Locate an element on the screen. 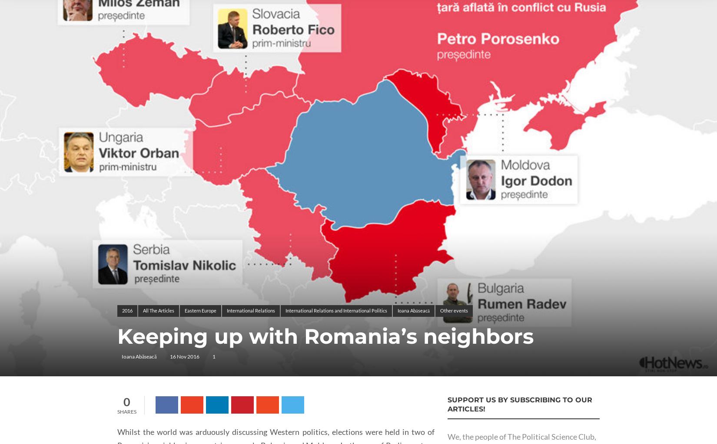  'Shares' is located at coordinates (127, 411).